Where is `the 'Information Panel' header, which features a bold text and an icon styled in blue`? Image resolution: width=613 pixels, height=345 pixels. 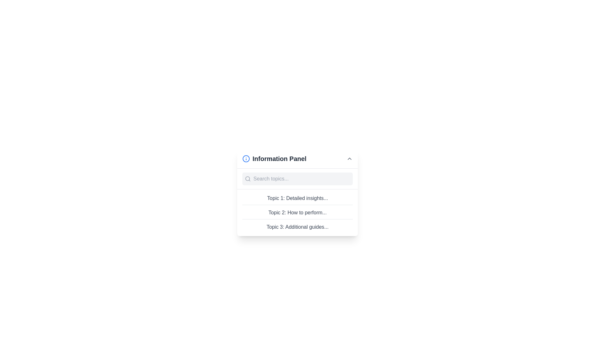
the 'Information Panel' header, which features a bold text and an icon styled in blue is located at coordinates (274, 158).